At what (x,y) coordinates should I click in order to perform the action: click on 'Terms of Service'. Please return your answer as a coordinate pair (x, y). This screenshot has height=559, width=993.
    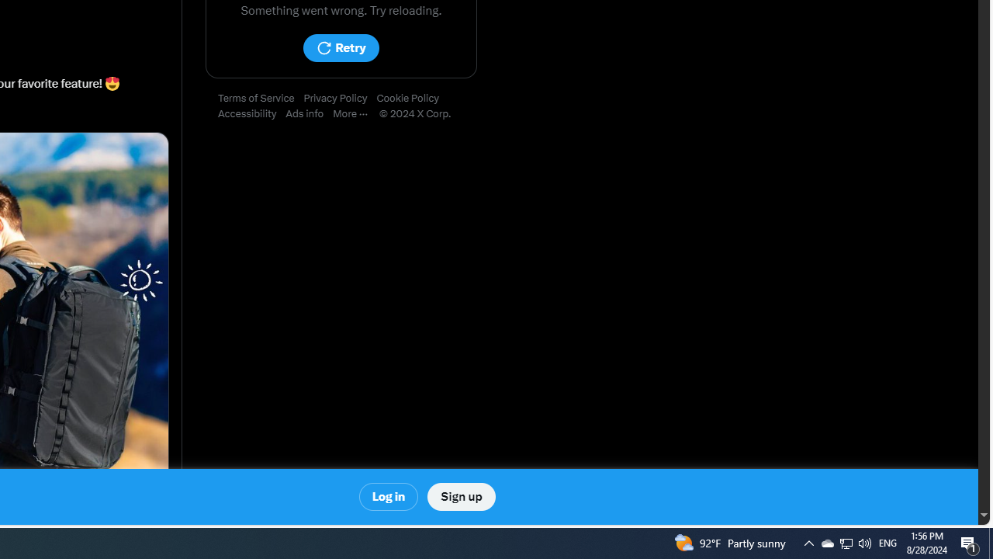
    Looking at the image, I should click on (261, 99).